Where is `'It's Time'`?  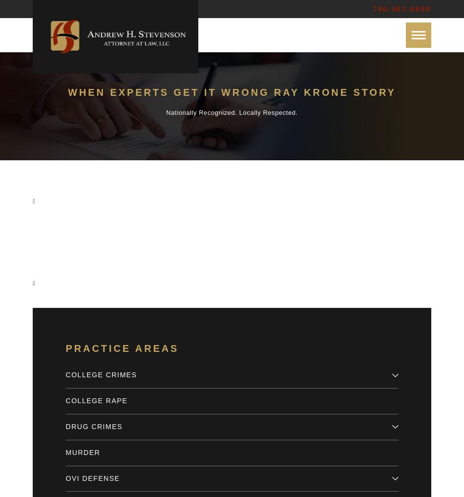
'It's Time' is located at coordinates (177, 245).